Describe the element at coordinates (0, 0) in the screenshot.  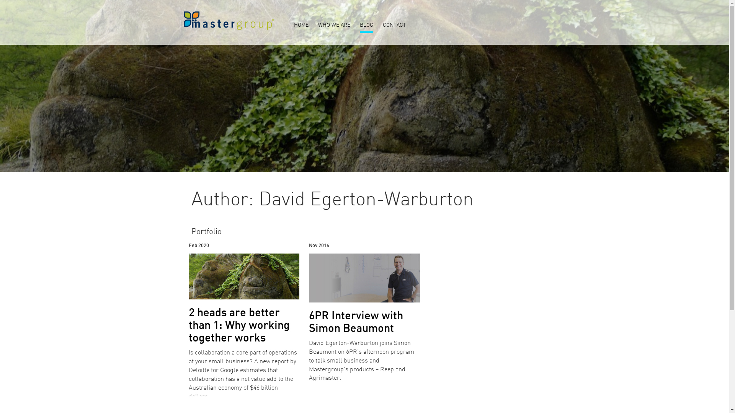
I see `'Skip to content'` at that location.